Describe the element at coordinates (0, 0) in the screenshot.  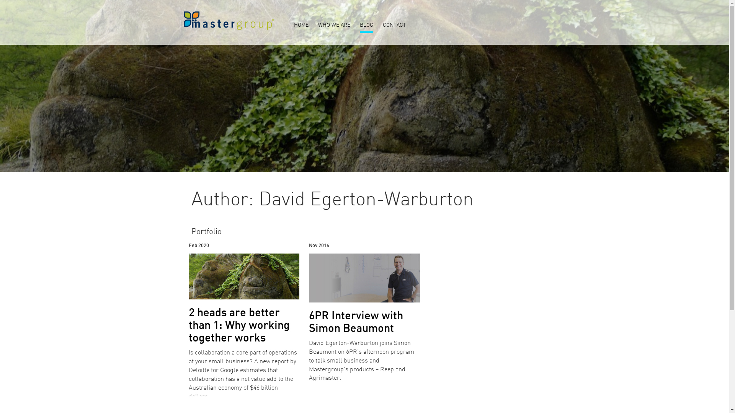
I see `'Skip to content'` at that location.